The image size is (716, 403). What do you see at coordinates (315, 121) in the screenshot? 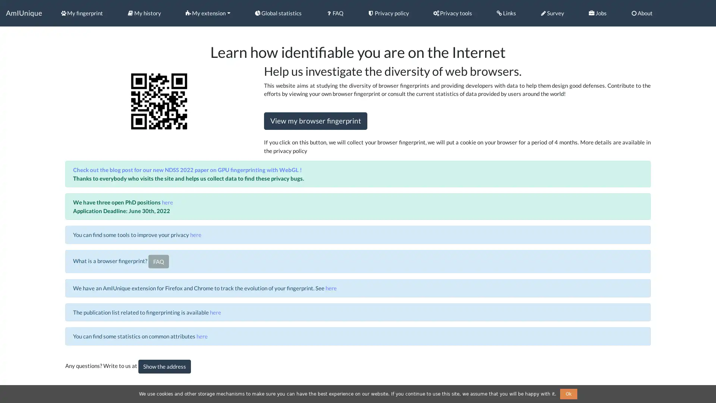
I see `View my browser fingerprint` at bounding box center [315, 121].